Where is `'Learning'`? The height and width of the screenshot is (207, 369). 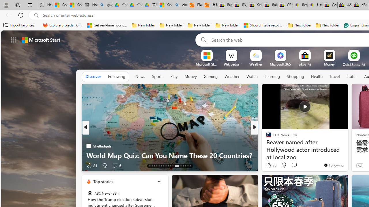
'Learning' is located at coordinates (272, 76).